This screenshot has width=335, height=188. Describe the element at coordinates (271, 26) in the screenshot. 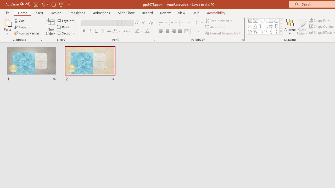

I see `'Arrow: Right'` at that location.